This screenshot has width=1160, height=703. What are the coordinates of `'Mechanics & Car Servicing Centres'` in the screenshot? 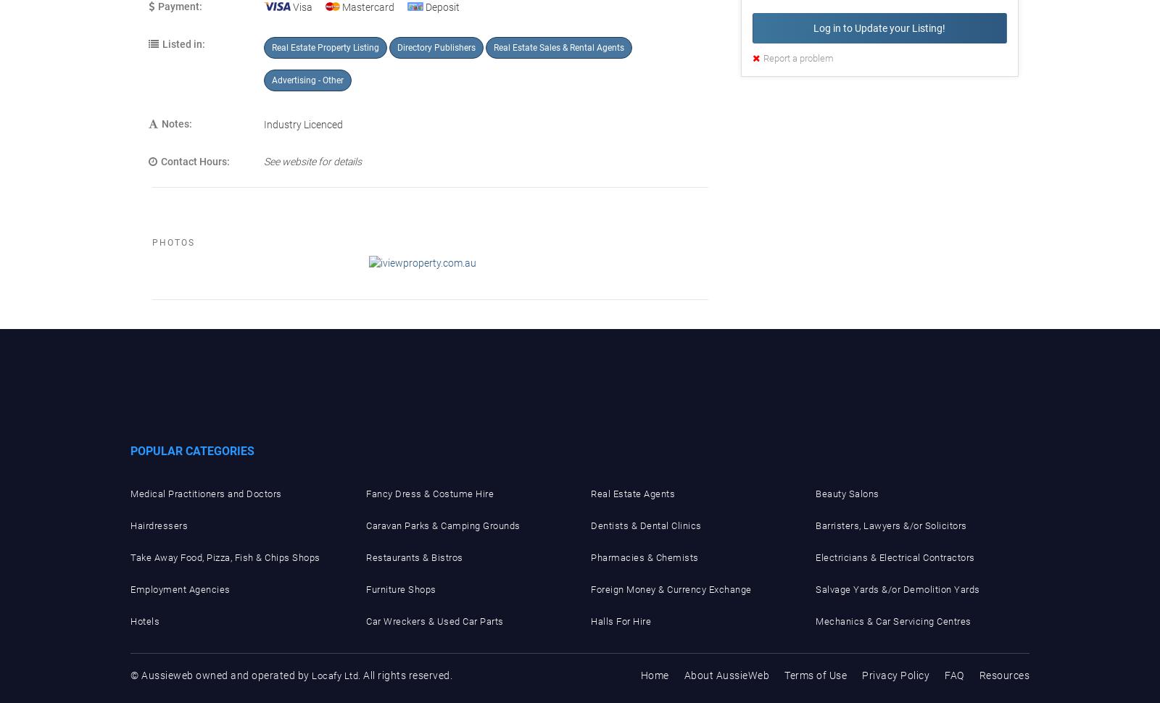 It's located at (892, 620).